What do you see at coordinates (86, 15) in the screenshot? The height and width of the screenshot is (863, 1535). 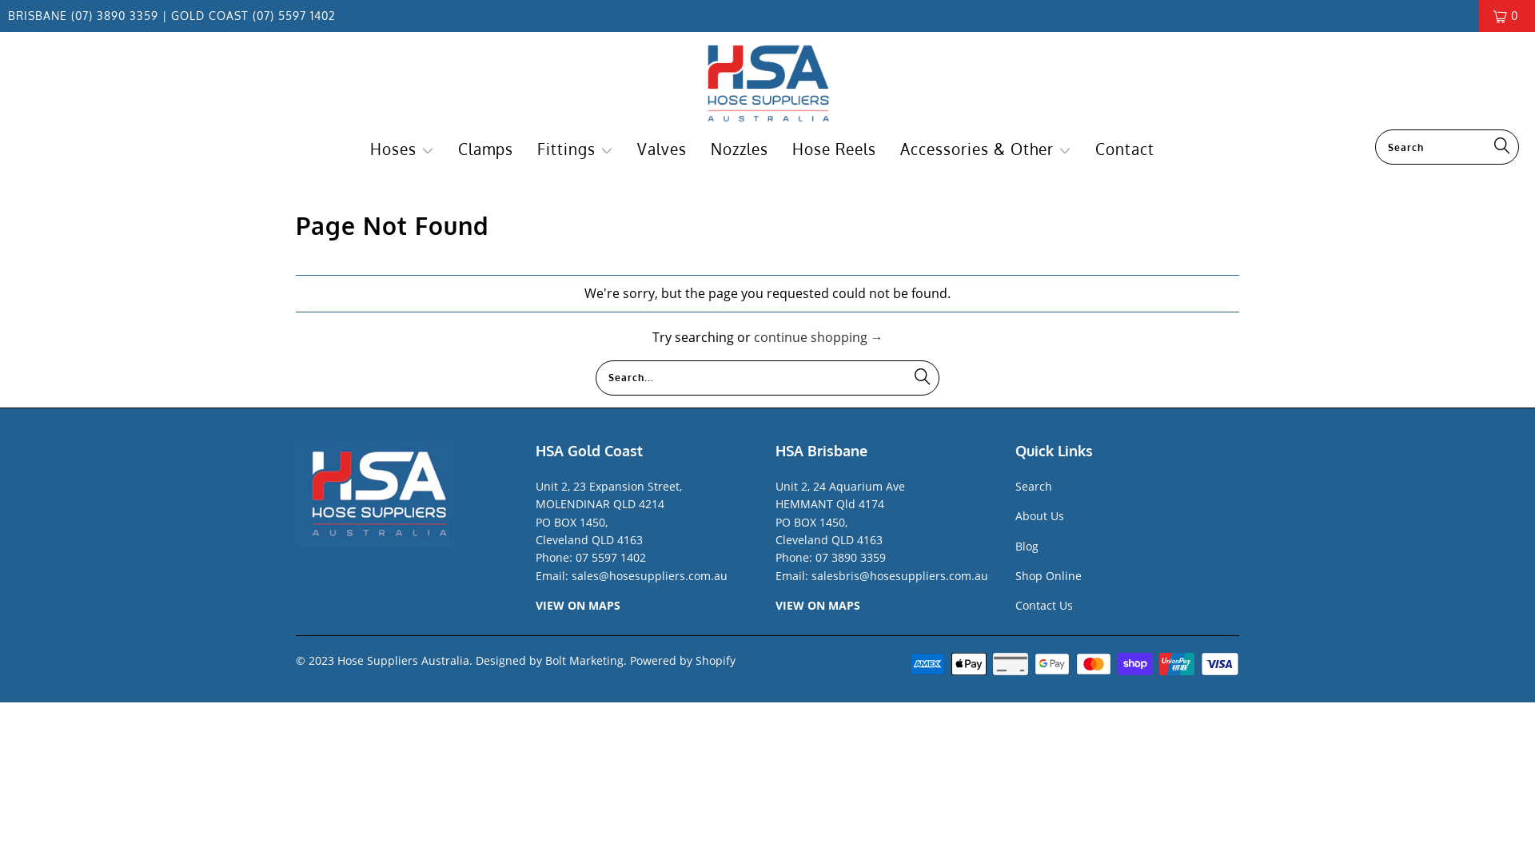 I see `'BRISBANE (07) 3890 3359 |'` at bounding box center [86, 15].